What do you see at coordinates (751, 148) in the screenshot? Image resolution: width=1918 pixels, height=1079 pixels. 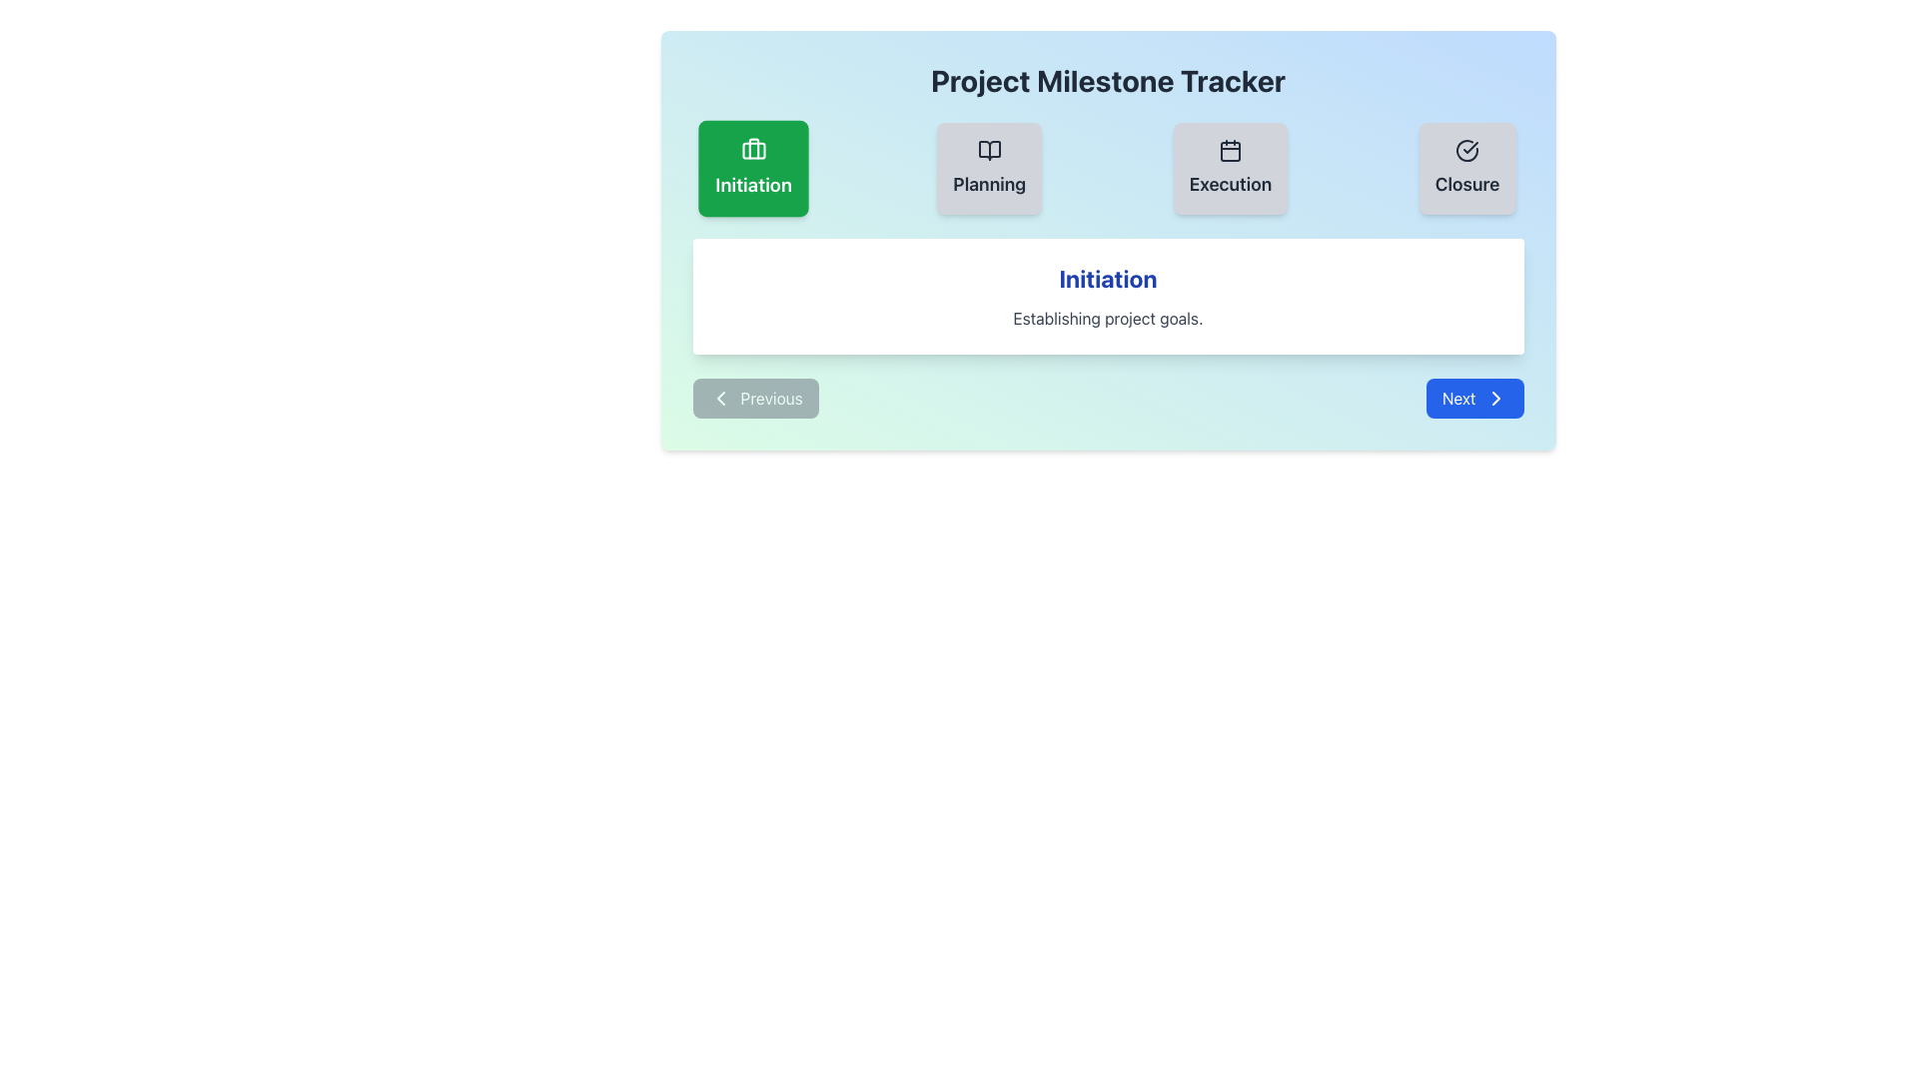 I see `the decorative graphical component that forms the left vertical boundary of the briefcase's handle, located within the briefcase icon next to the 'Initiation' text in the milestone navigation bar` at bounding box center [751, 148].